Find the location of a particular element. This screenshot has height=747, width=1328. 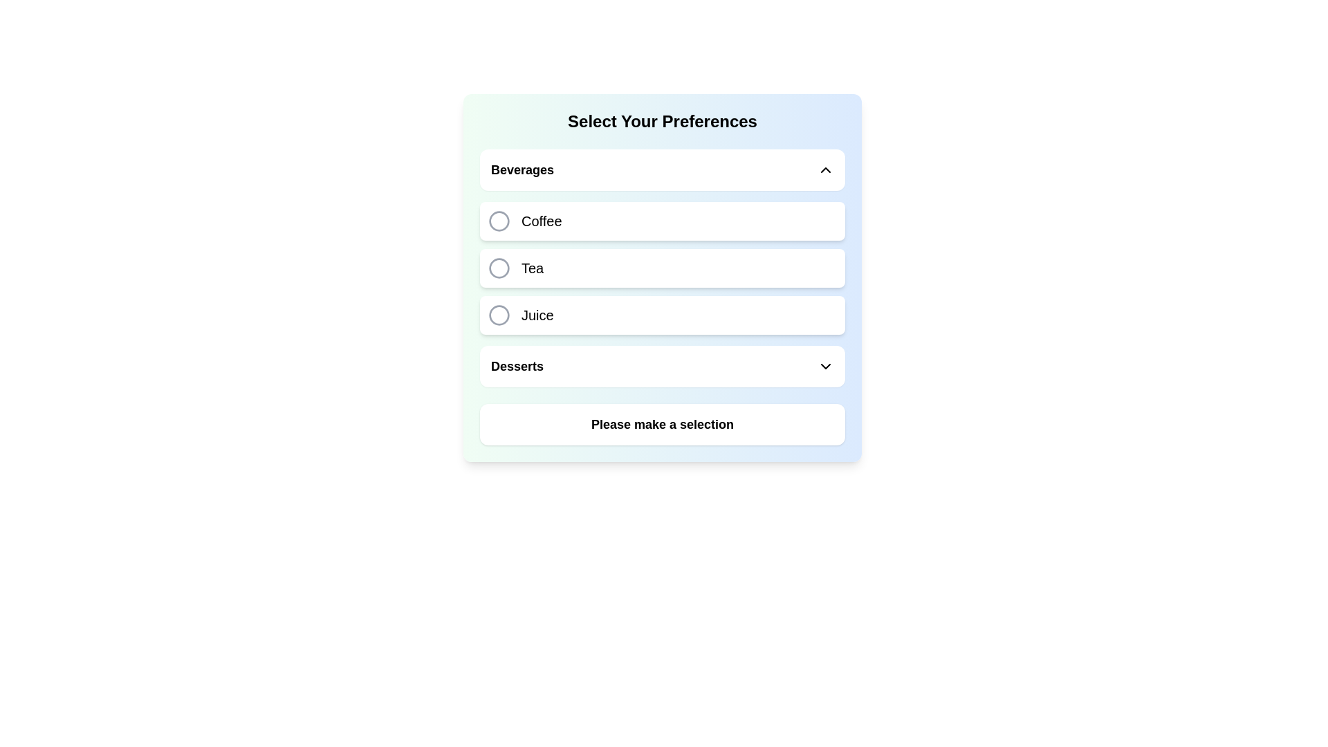

the 'Beverages' section is located at coordinates (662, 241).